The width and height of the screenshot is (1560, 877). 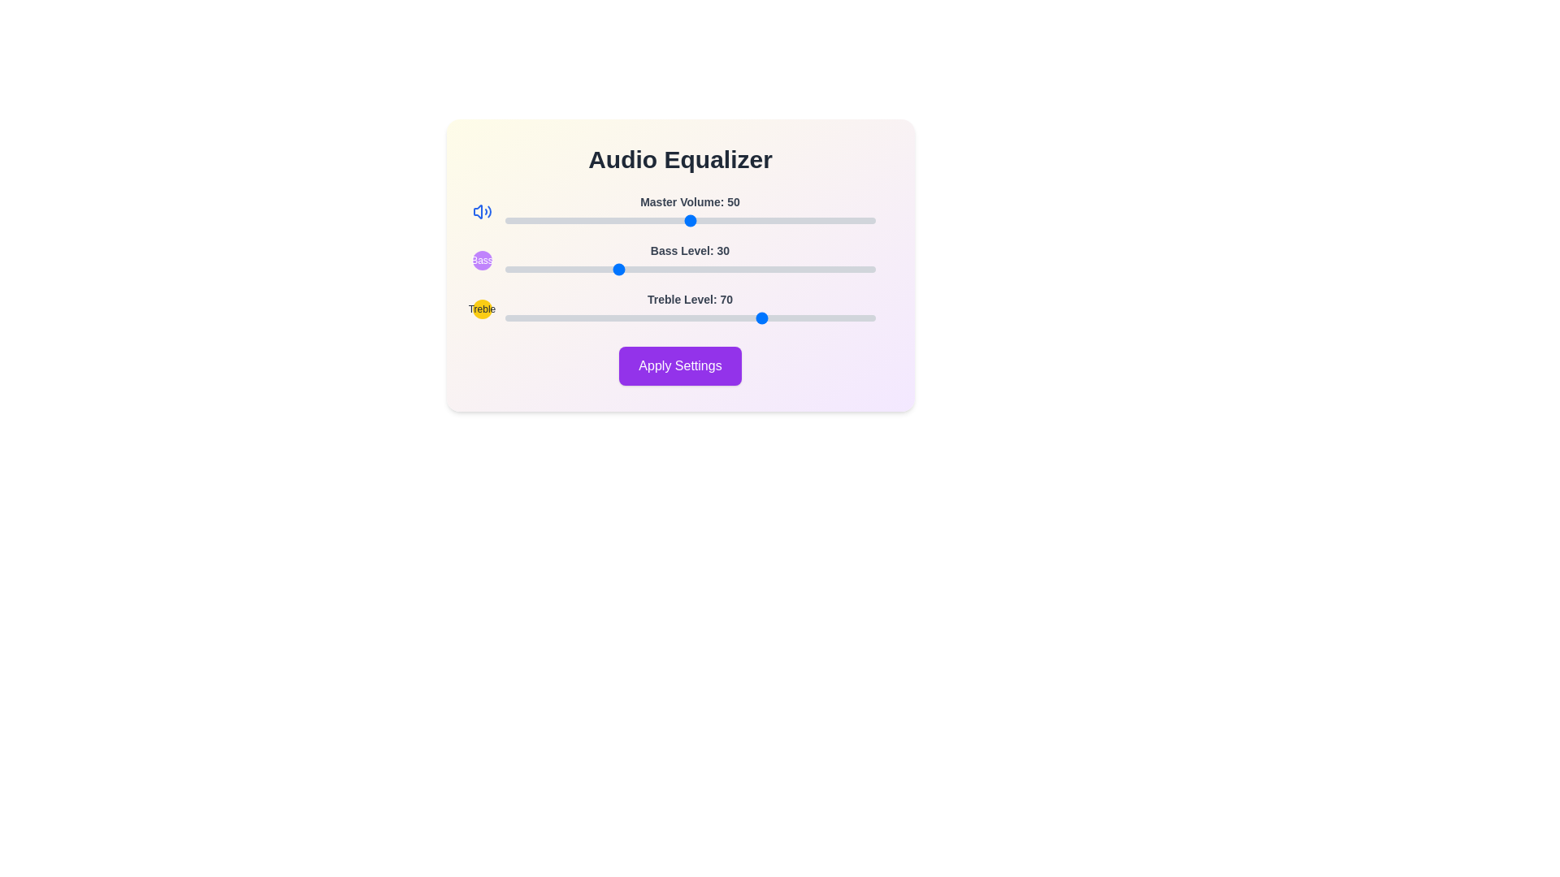 I want to click on the slider control labeled 'Bass Level: 30', so click(x=680, y=259).